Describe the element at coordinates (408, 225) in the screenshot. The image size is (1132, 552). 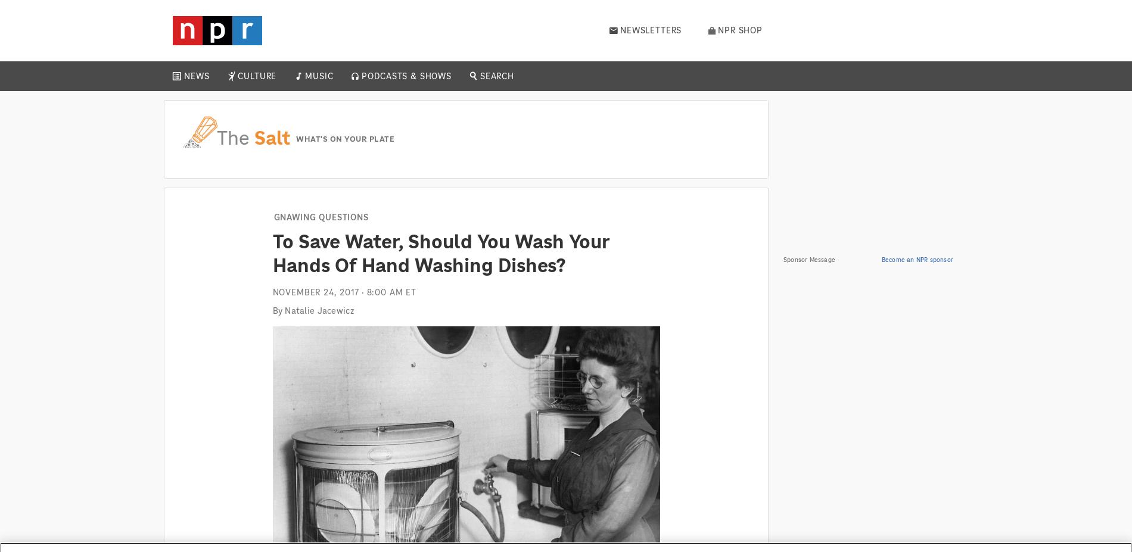
I see `'Up First'` at that location.